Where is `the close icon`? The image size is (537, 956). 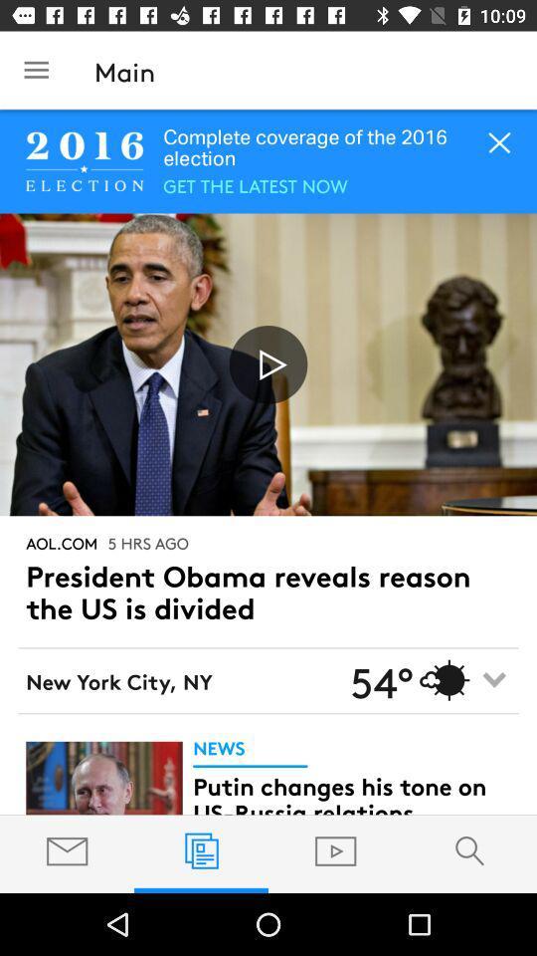 the close icon is located at coordinates (498, 143).